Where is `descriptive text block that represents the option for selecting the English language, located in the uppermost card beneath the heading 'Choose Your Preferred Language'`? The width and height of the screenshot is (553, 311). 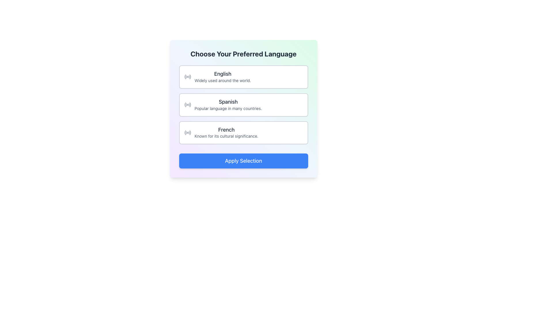
descriptive text block that represents the option for selecting the English language, located in the uppermost card beneath the heading 'Choose Your Preferred Language' is located at coordinates (222, 77).